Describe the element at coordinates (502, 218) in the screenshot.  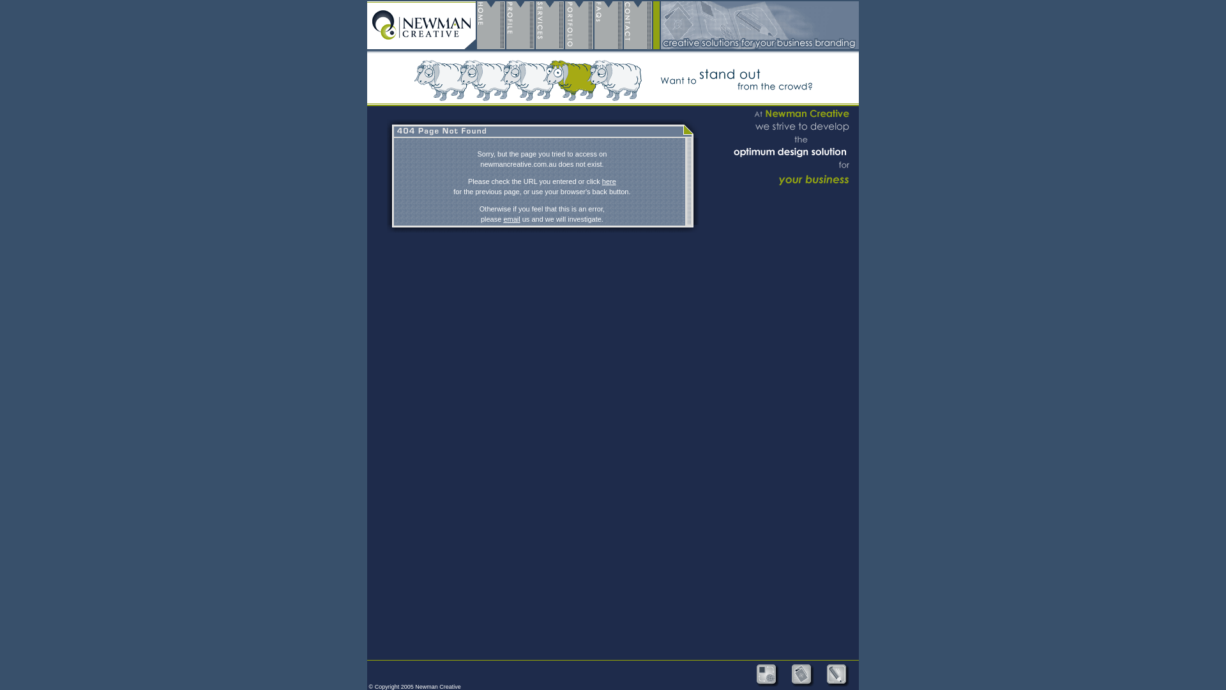
I see `'email'` at that location.